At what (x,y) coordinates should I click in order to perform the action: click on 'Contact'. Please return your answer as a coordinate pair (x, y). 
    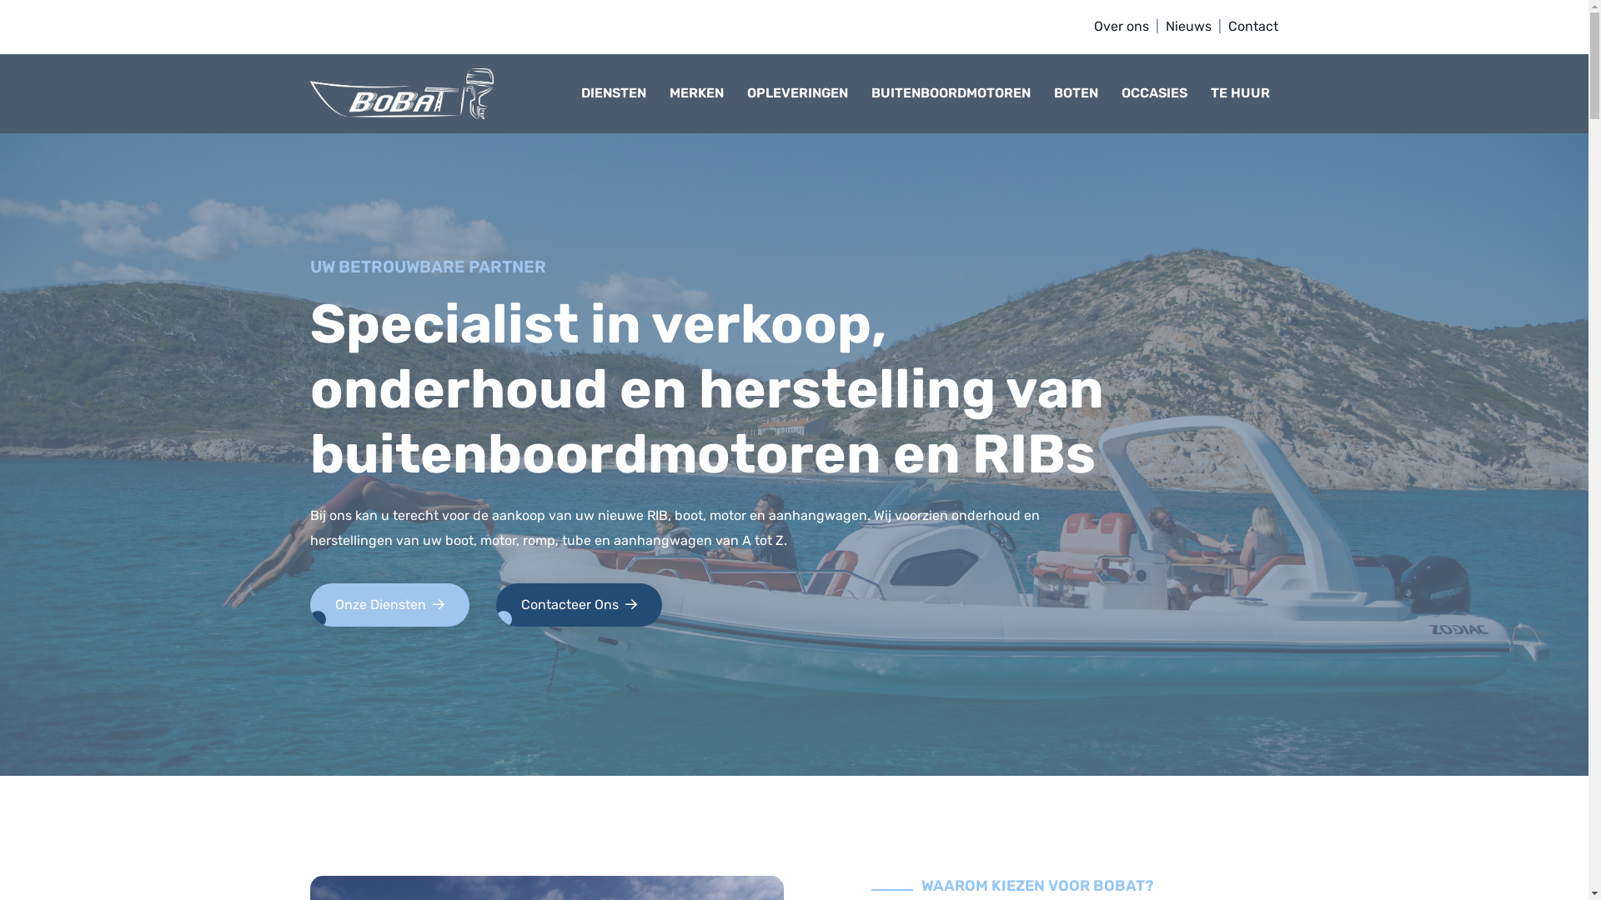
    Looking at the image, I should click on (1252, 27).